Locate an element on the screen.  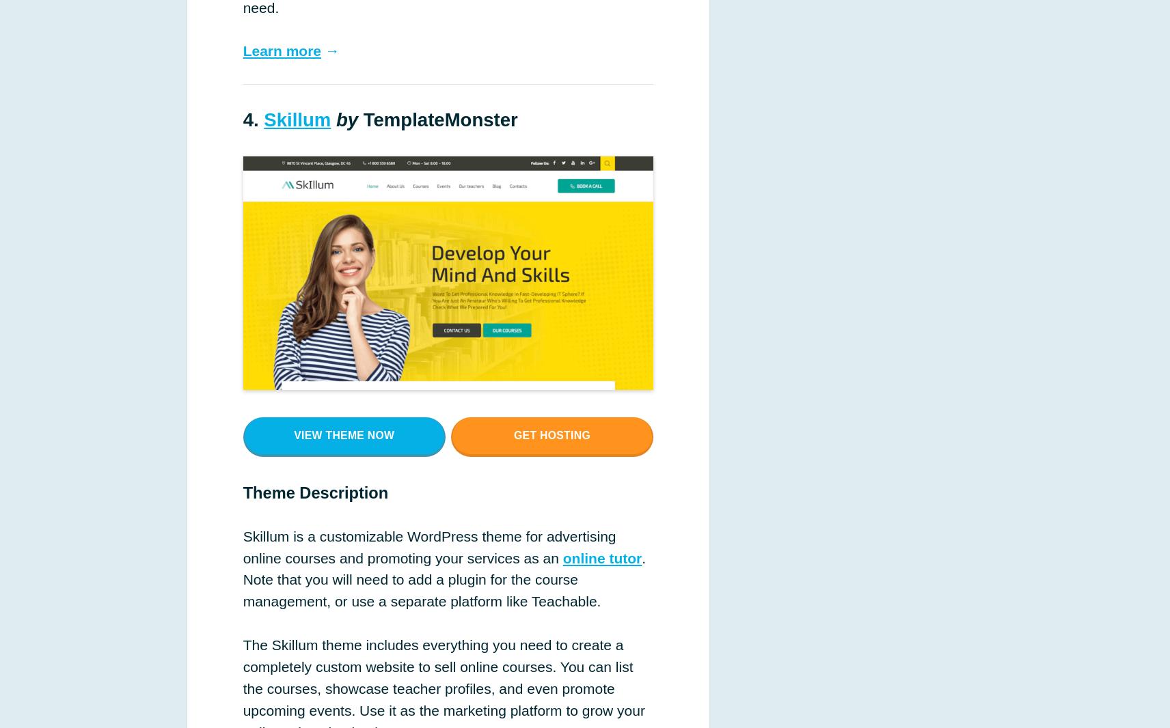
'Get hosting' is located at coordinates (552, 434).